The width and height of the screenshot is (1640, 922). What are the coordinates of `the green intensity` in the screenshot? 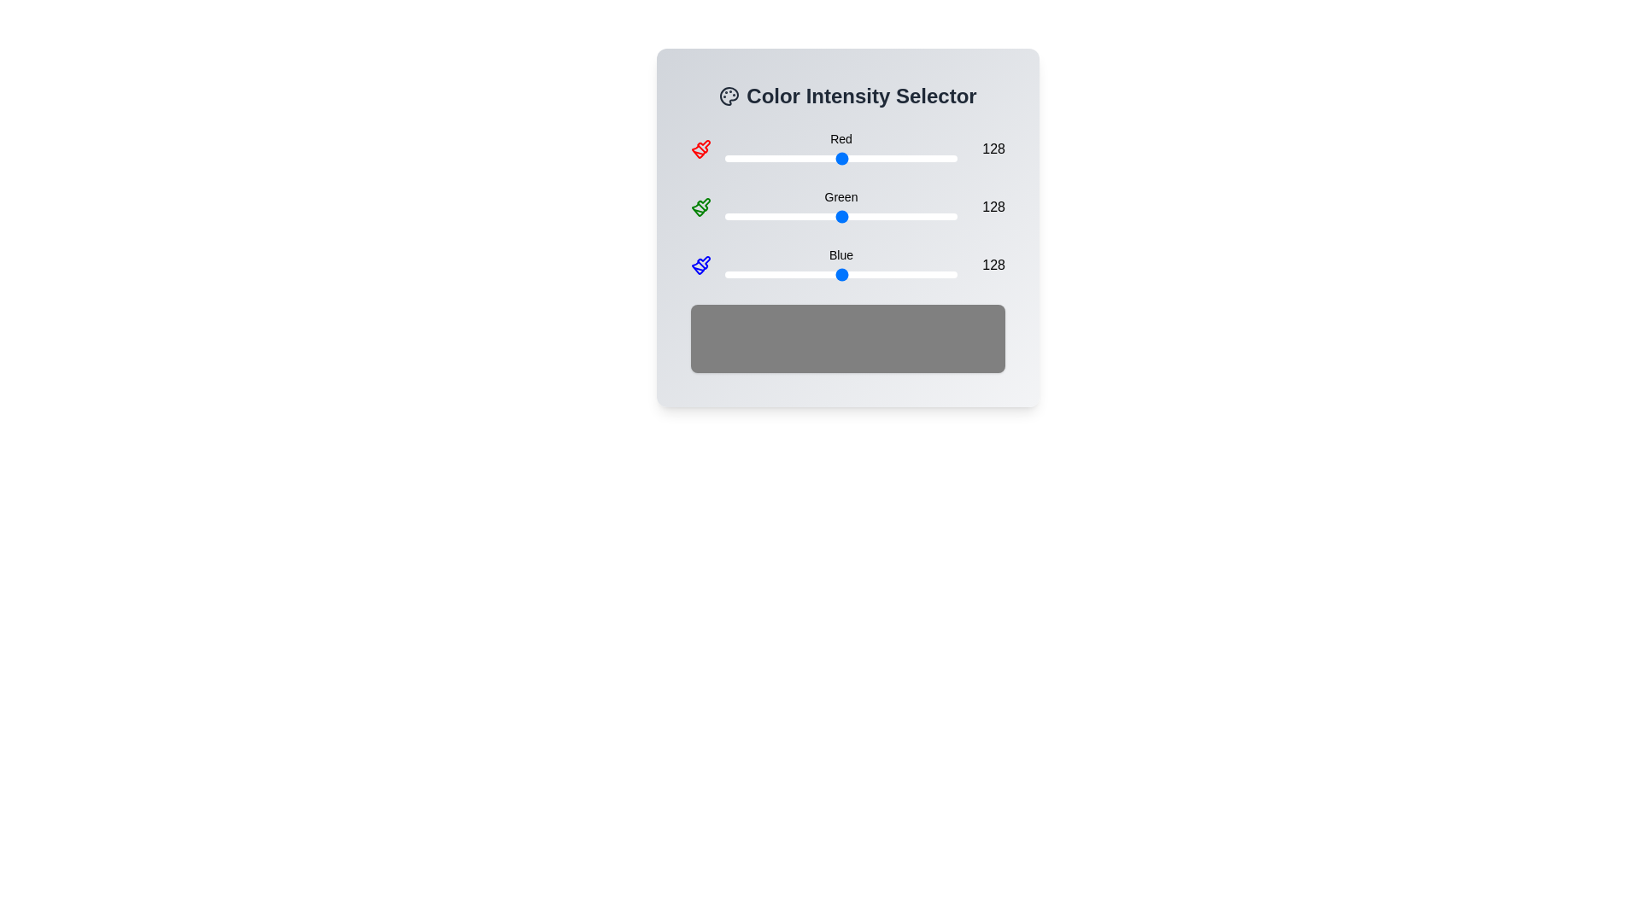 It's located at (854, 216).